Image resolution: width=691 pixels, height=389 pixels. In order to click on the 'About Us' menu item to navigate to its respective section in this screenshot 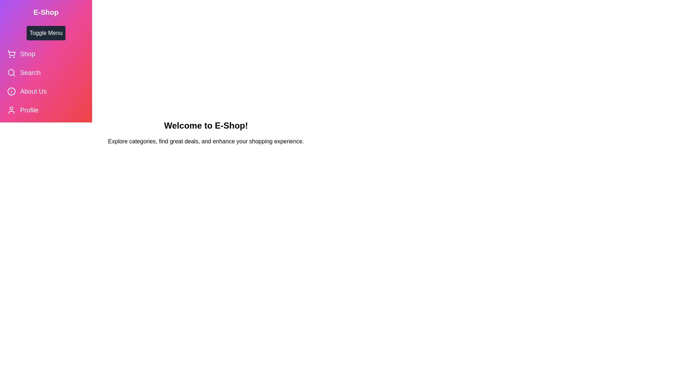, I will do `click(46, 91)`.